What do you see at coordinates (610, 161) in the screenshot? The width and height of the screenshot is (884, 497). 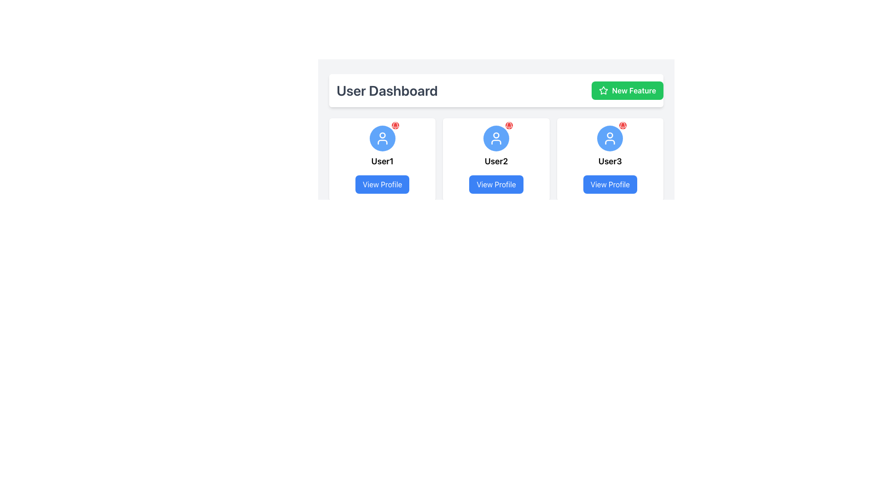 I see `the text label reading 'User3', which is styled in bold and positioned above the 'View Profile' button in the third user card` at bounding box center [610, 161].